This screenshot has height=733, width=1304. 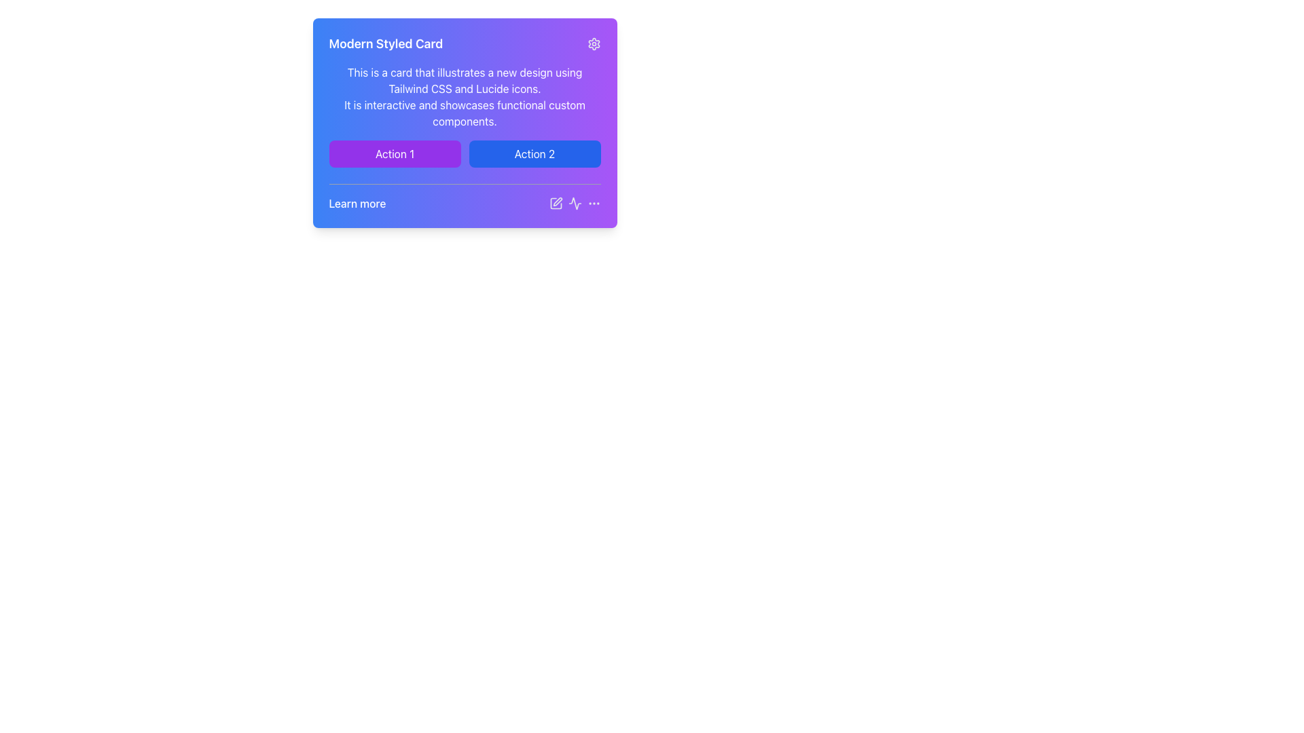 I want to click on the waveform icon located in the lower-right area of the card interface, which is the third icon in sequence among sibling icons, so click(x=575, y=204).